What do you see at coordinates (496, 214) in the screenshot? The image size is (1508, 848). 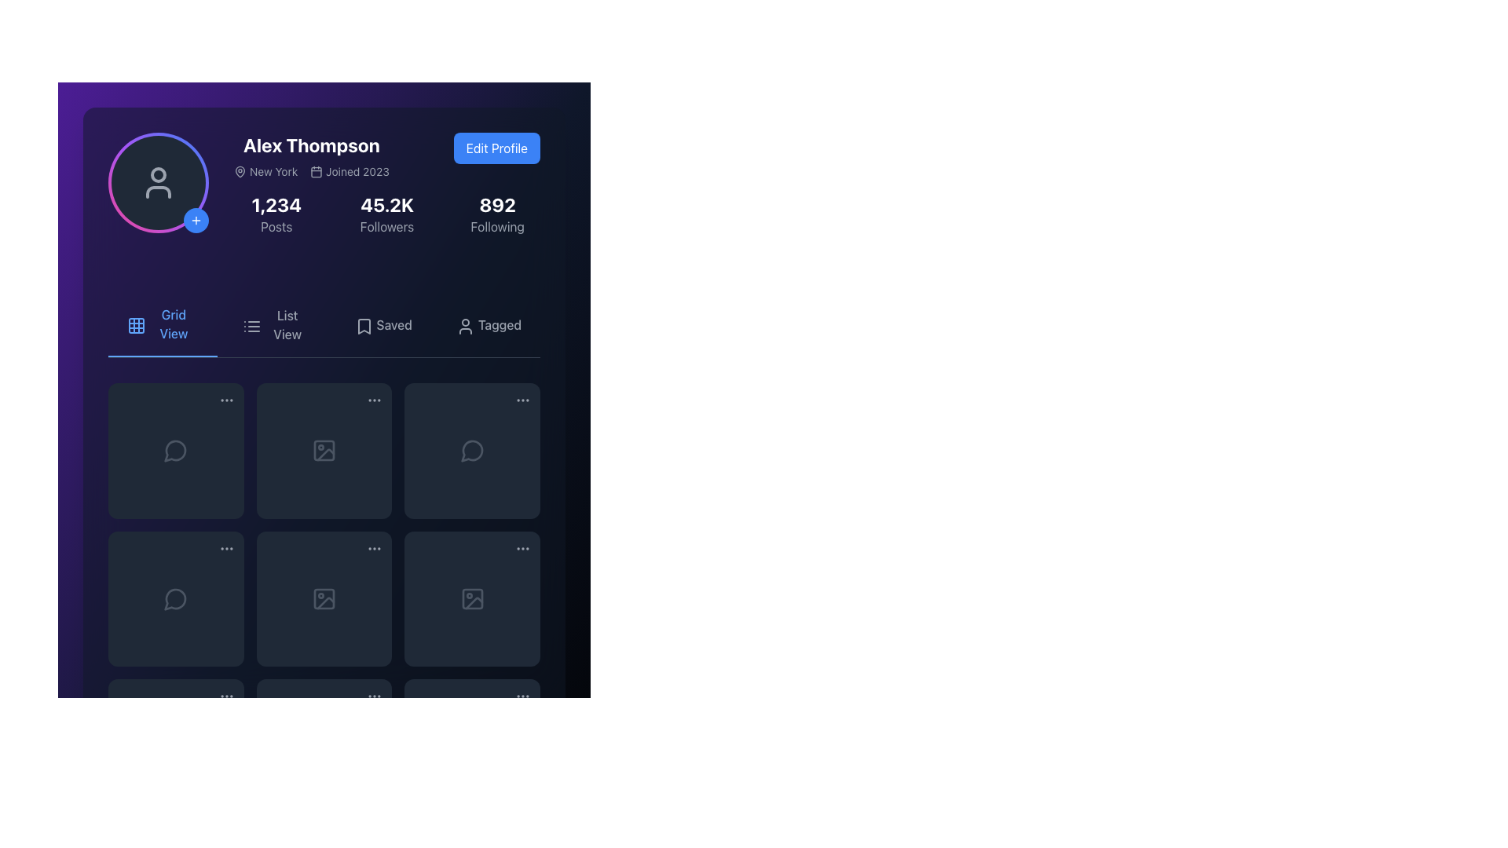 I see `the text display component that shows the count of accounts being followed by the user, labeled 'Following.'` at bounding box center [496, 214].